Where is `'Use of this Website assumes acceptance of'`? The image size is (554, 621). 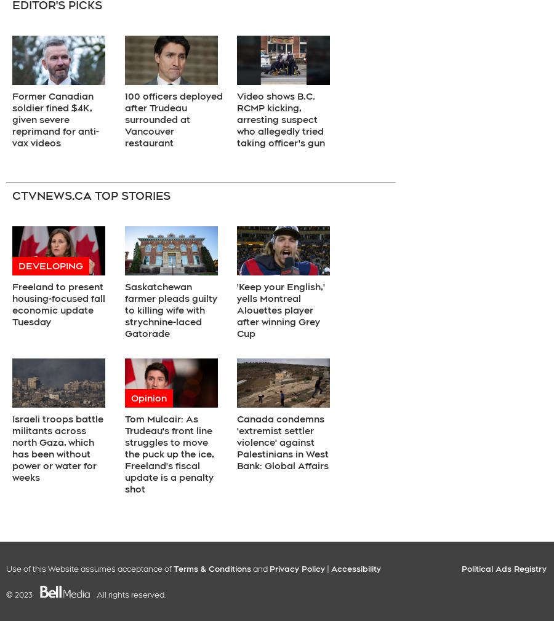 'Use of this Website assumes acceptance of' is located at coordinates (89, 568).